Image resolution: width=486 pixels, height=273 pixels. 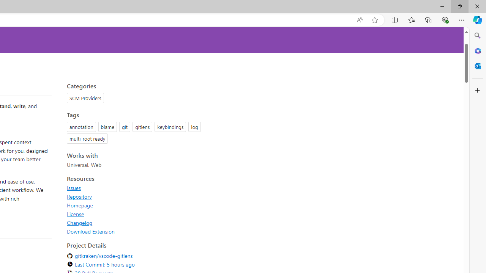 What do you see at coordinates (477, 19) in the screenshot?
I see `'Copilot (Ctrl+Shift+.)'` at bounding box center [477, 19].